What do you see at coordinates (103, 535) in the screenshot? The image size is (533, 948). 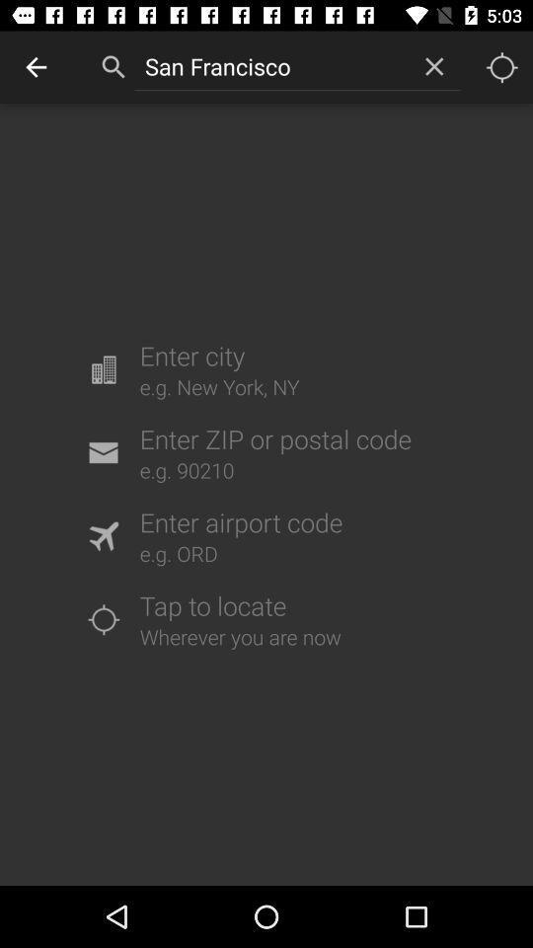 I see `the flight icon on the web page` at bounding box center [103, 535].